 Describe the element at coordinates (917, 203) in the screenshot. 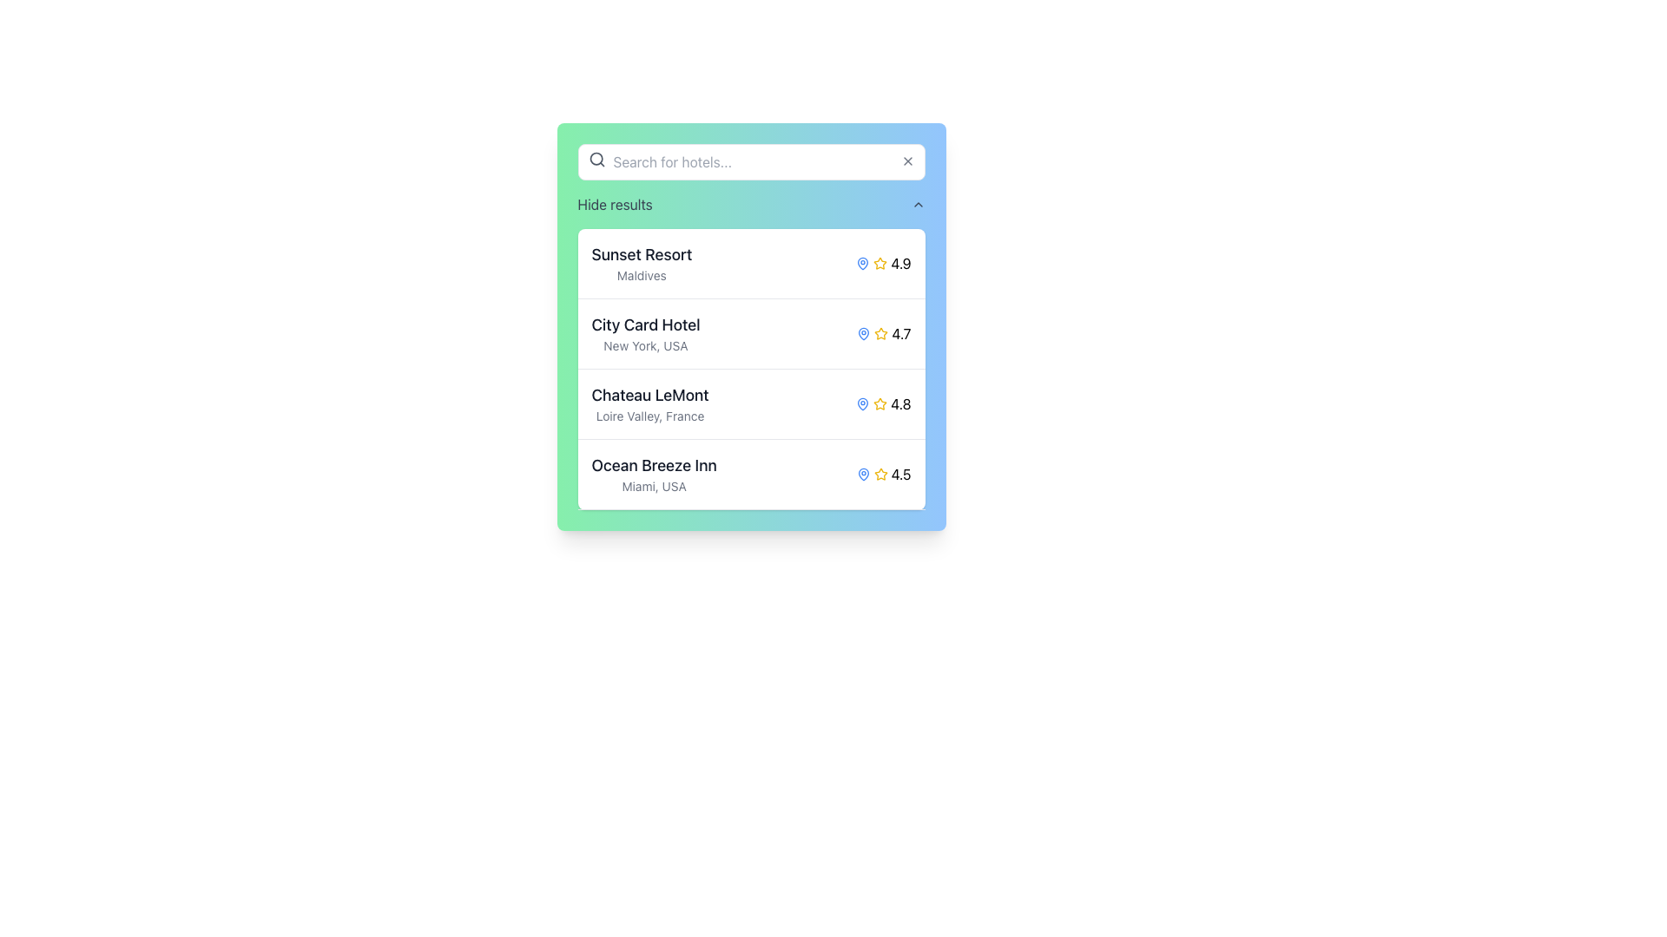

I see `the upward-pointing chevron icon in the header section of the card` at that location.